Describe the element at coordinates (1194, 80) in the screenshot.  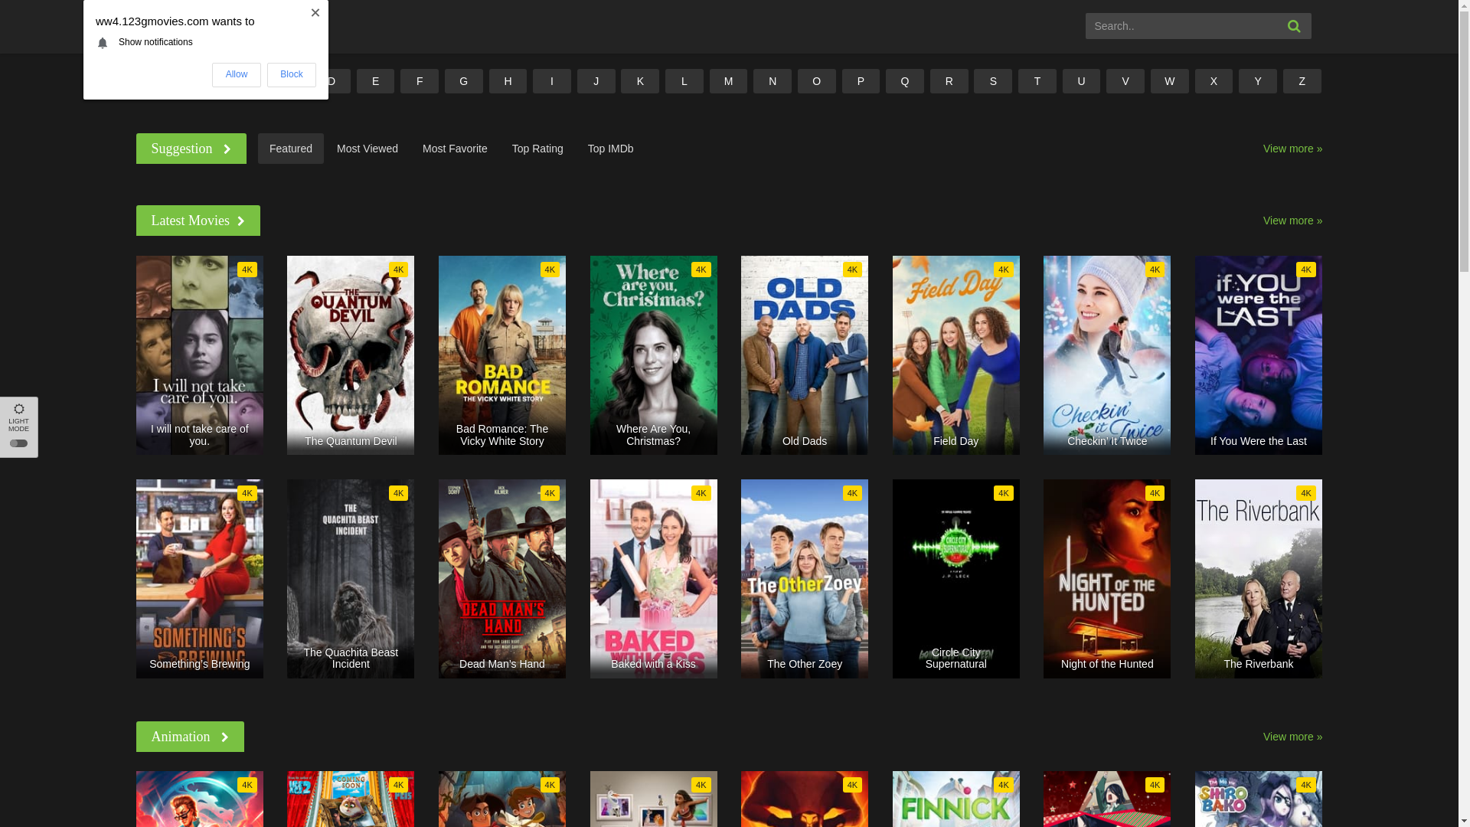
I see `'X'` at that location.